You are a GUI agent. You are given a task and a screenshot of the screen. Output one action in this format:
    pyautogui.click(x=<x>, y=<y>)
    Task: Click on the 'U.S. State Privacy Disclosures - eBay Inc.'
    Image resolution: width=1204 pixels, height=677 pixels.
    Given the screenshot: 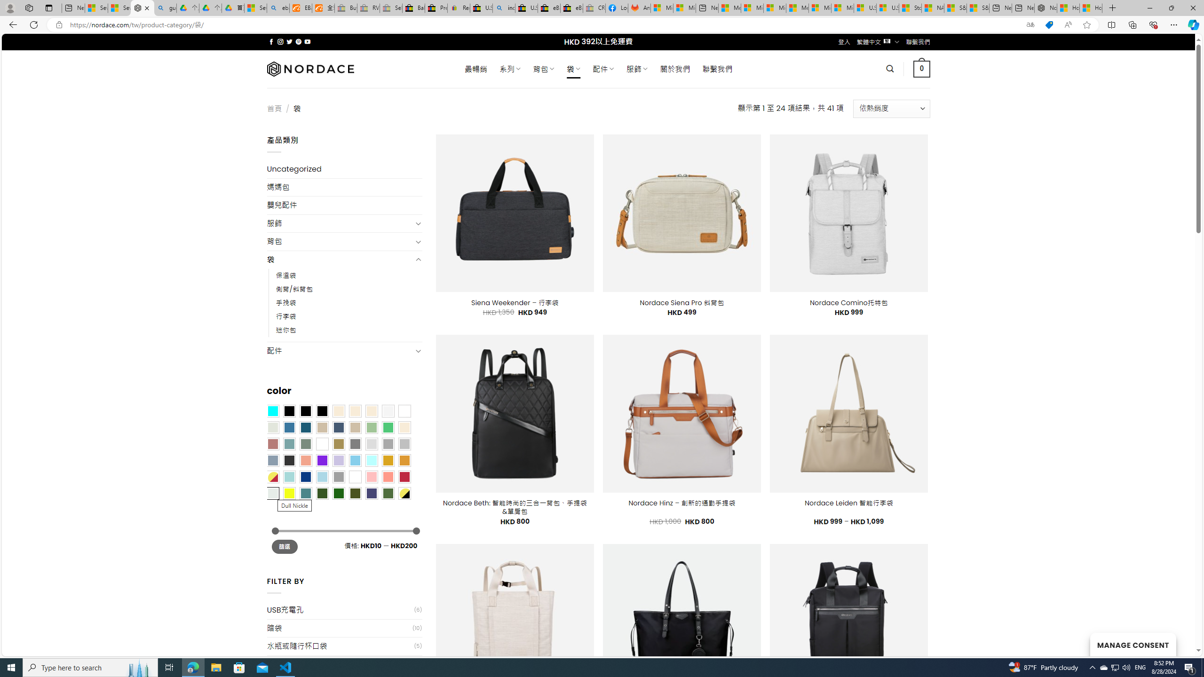 What is the action you would take?
    pyautogui.click(x=527, y=8)
    